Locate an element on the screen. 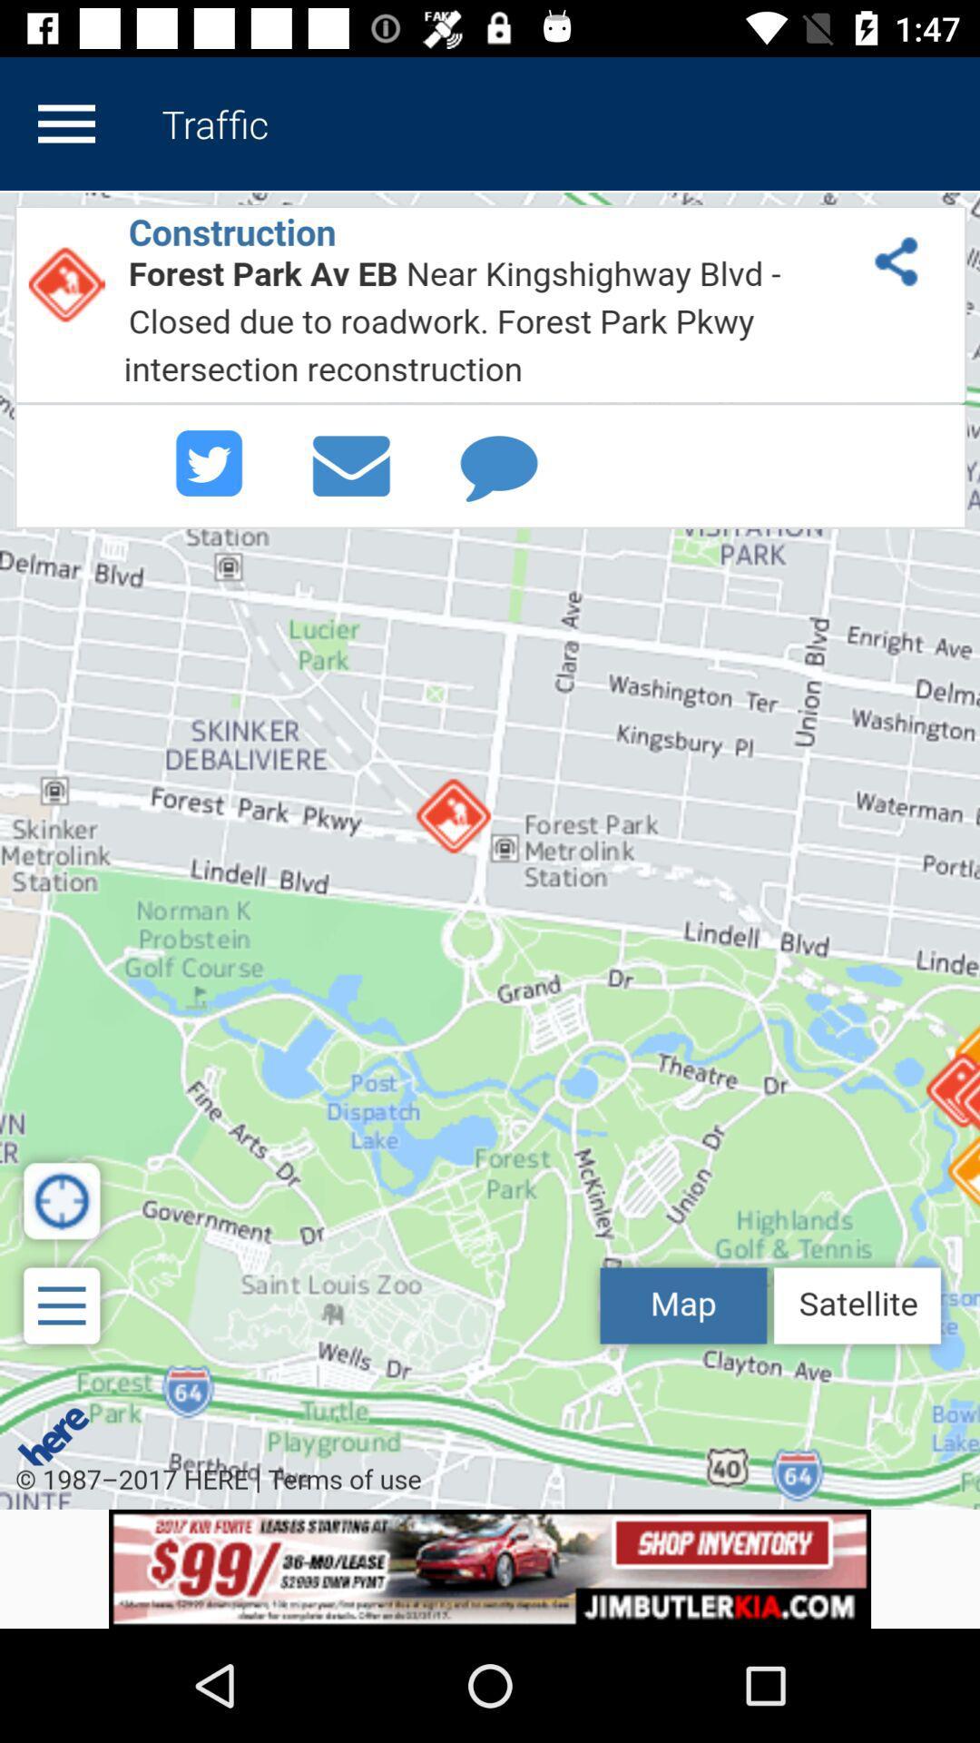  access menu is located at coordinates (65, 123).